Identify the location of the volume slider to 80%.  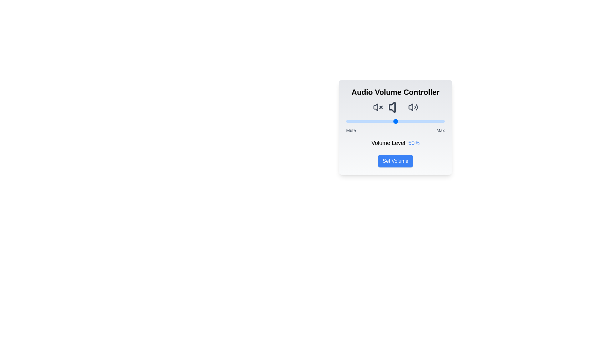
(425, 121).